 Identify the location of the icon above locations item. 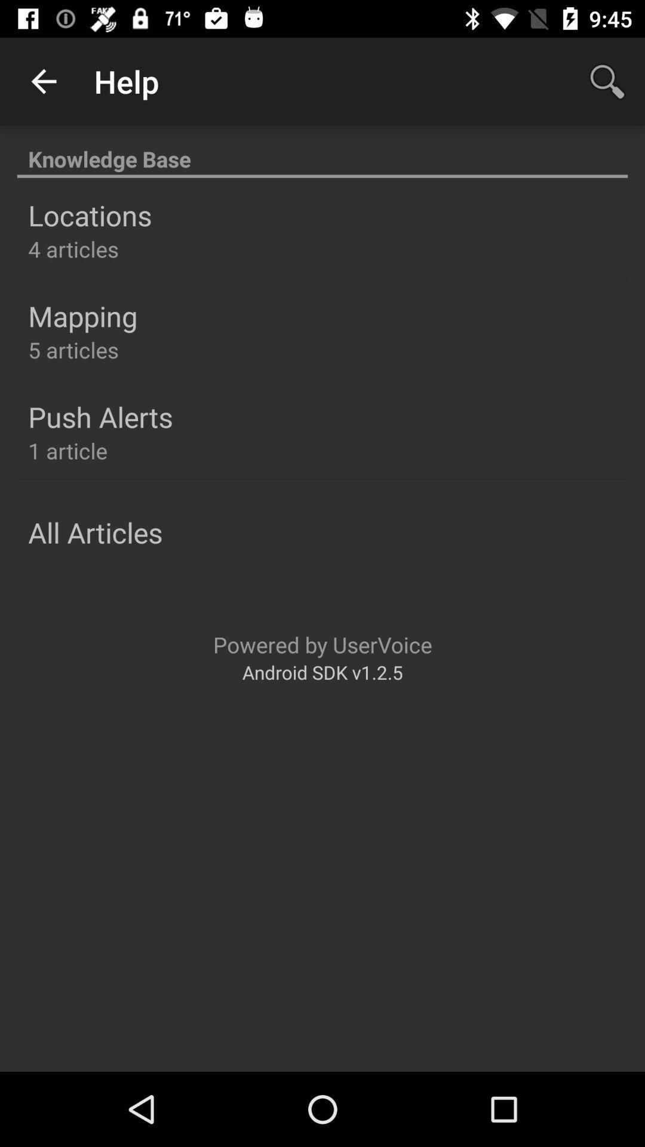
(322, 152).